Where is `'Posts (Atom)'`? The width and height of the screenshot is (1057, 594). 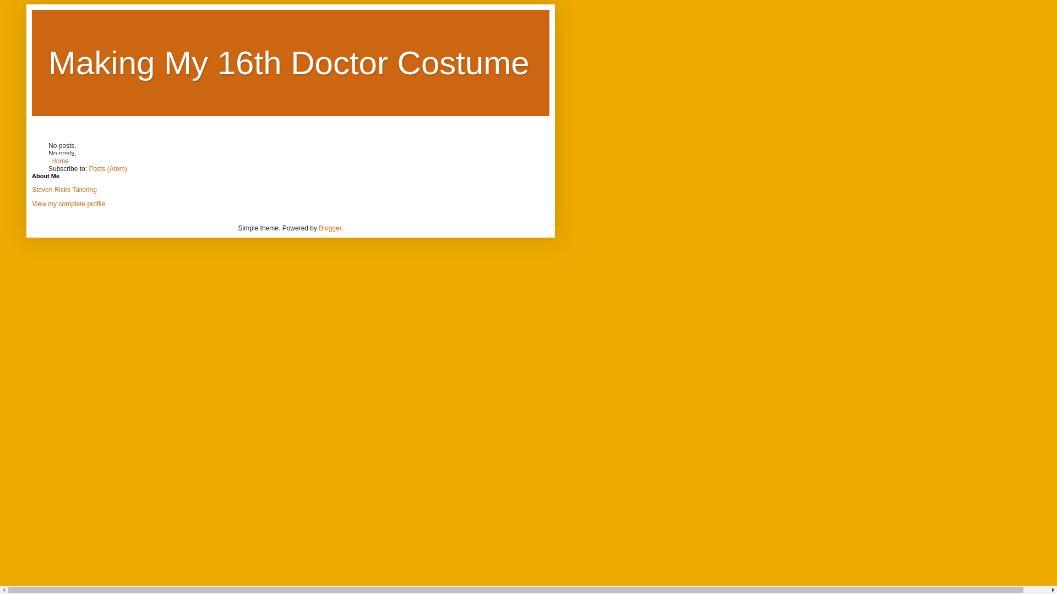
'Posts (Atom)' is located at coordinates (89, 169).